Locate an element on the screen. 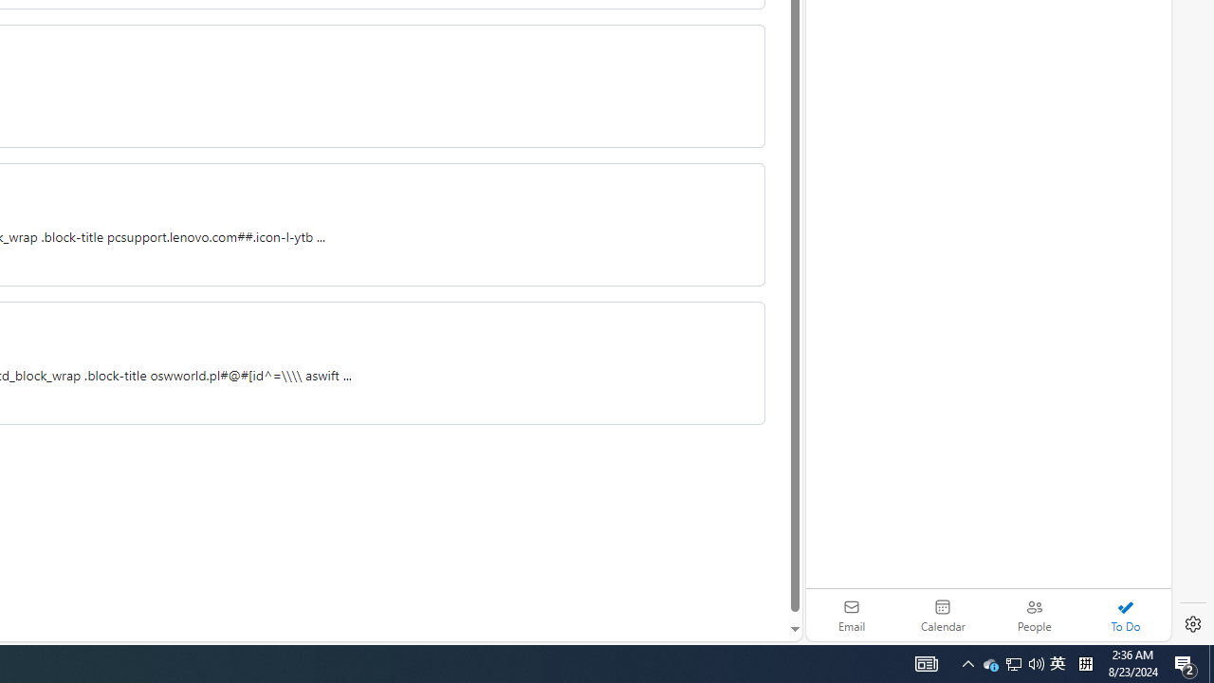 The height and width of the screenshot is (683, 1214). 'People' is located at coordinates (1033, 615).